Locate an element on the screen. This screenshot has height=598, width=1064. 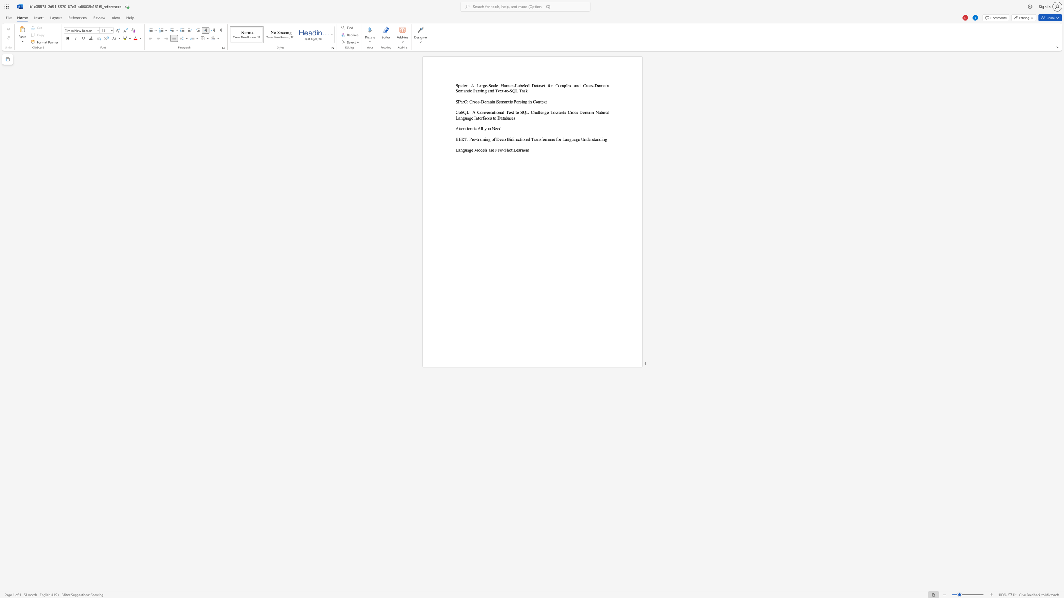
the 2th character "P" in the text is located at coordinates (515, 101).